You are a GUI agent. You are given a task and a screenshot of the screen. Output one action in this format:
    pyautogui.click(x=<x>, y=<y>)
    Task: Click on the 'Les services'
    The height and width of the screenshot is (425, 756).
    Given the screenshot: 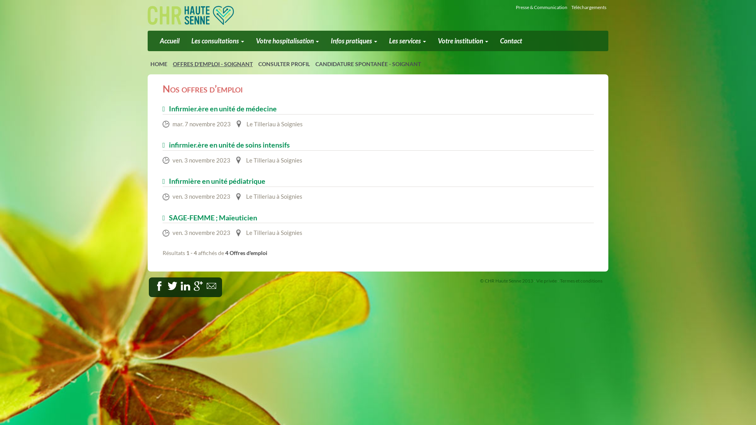 What is the action you would take?
    pyautogui.click(x=408, y=41)
    